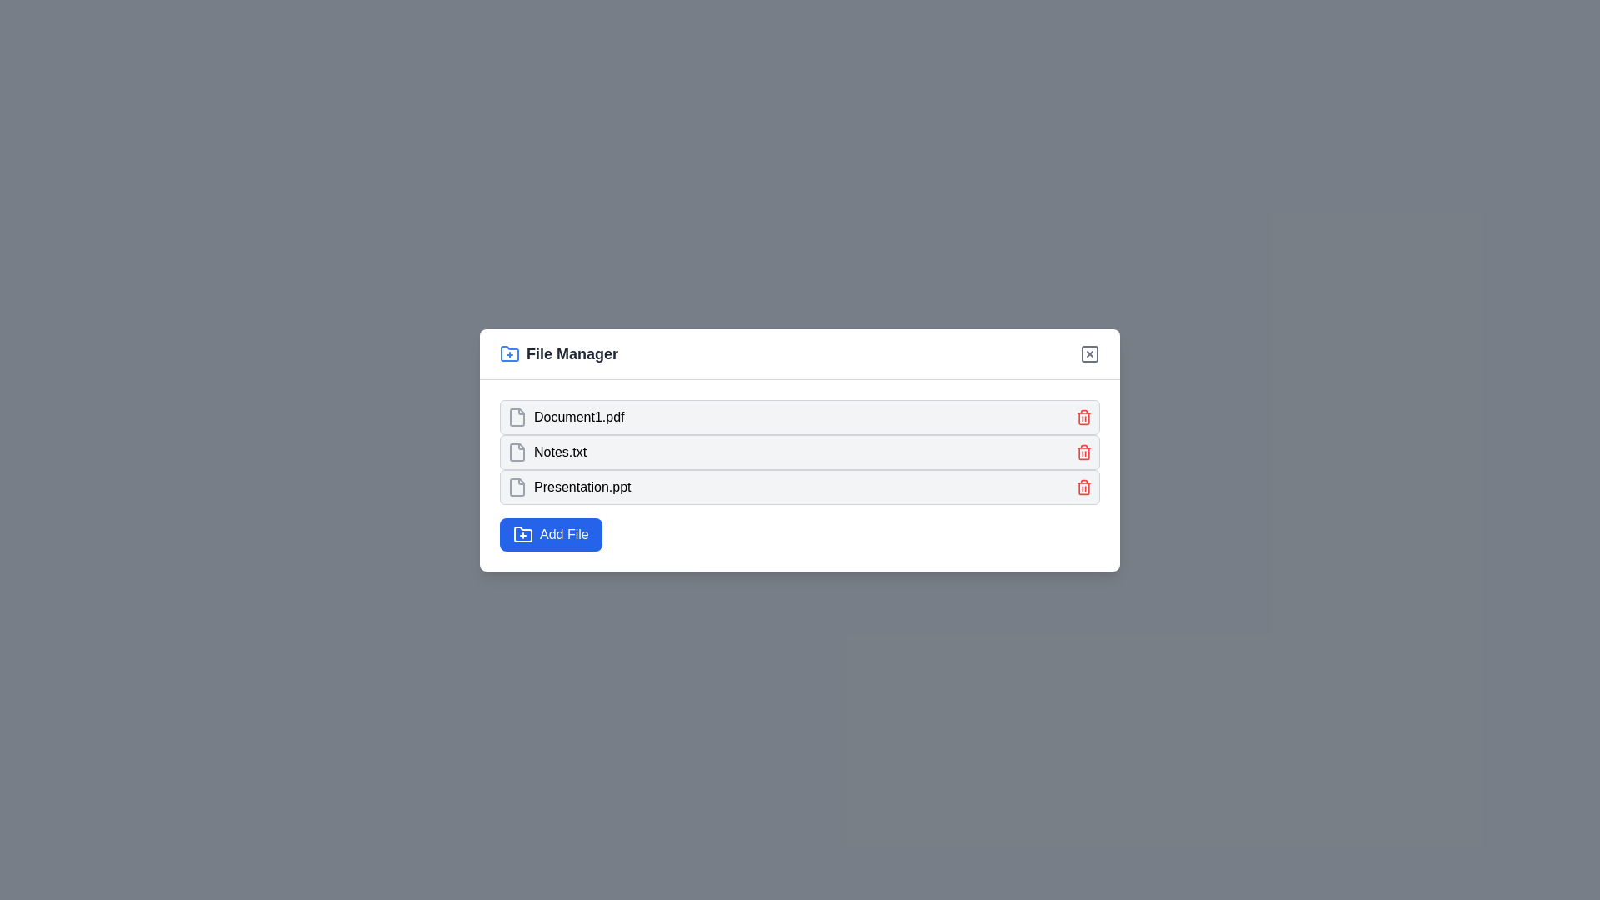 The image size is (1600, 900). What do you see at coordinates (565, 416) in the screenshot?
I see `the list item displaying the file labeled 'Document1.pdf'` at bounding box center [565, 416].